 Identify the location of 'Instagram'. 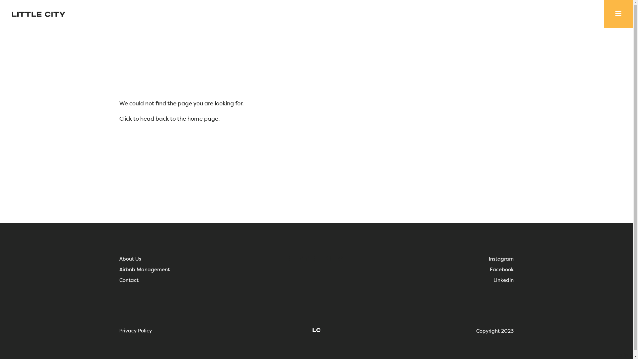
(501, 259).